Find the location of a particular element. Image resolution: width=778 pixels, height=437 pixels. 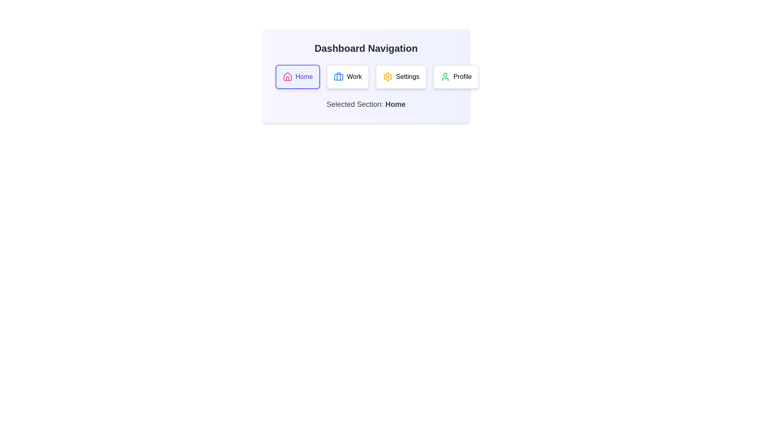

the 'Home' text label element, which is styled in medium font size and displayed in blue, located in a navigation list with a white background and indigo borders, adjacent to a house icon is located at coordinates (304, 76).